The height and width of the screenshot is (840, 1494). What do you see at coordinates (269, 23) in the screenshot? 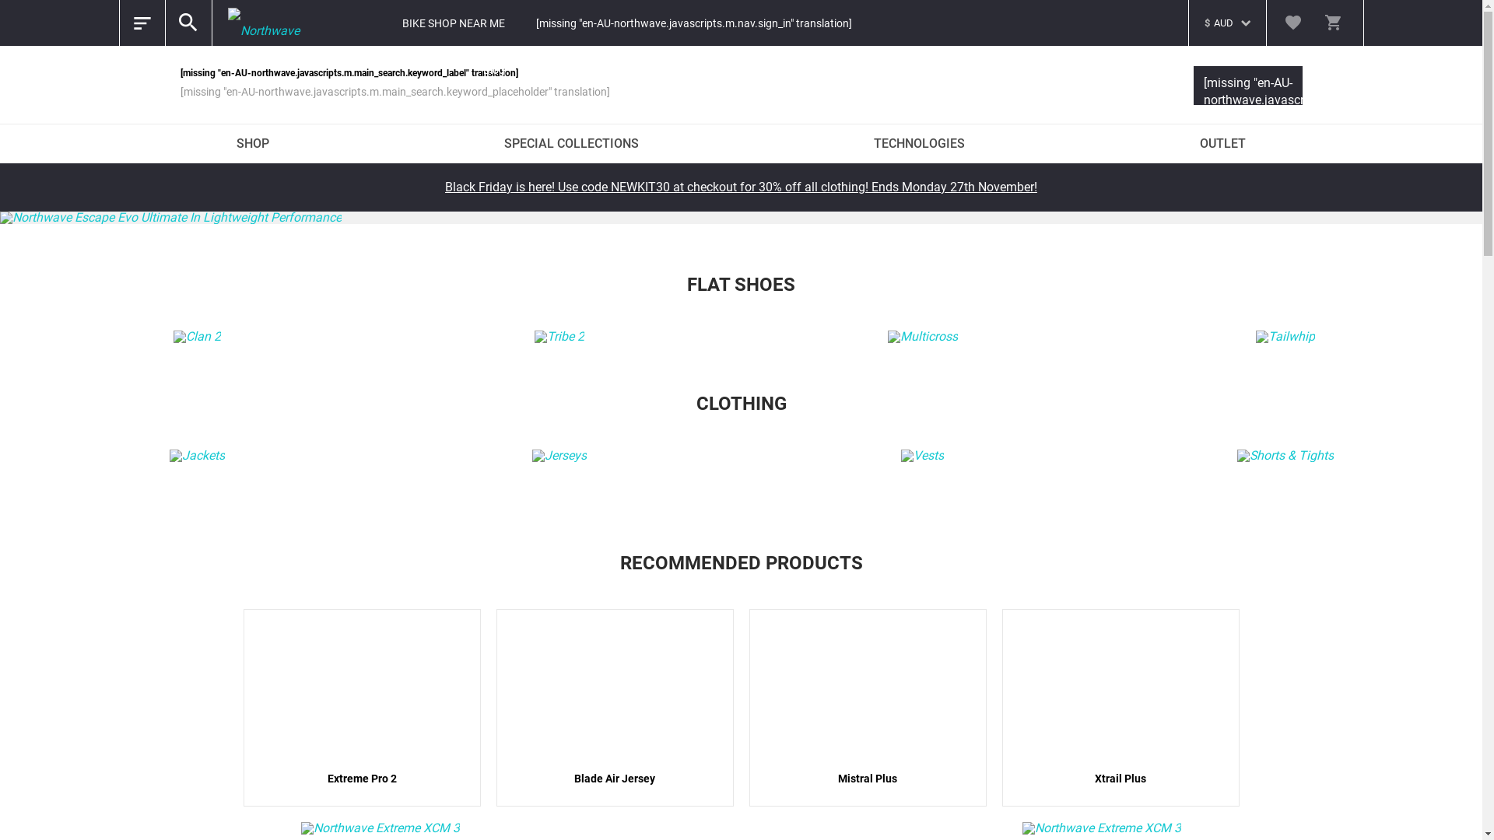
I see `'Northwave Australia Home Page'` at bounding box center [269, 23].